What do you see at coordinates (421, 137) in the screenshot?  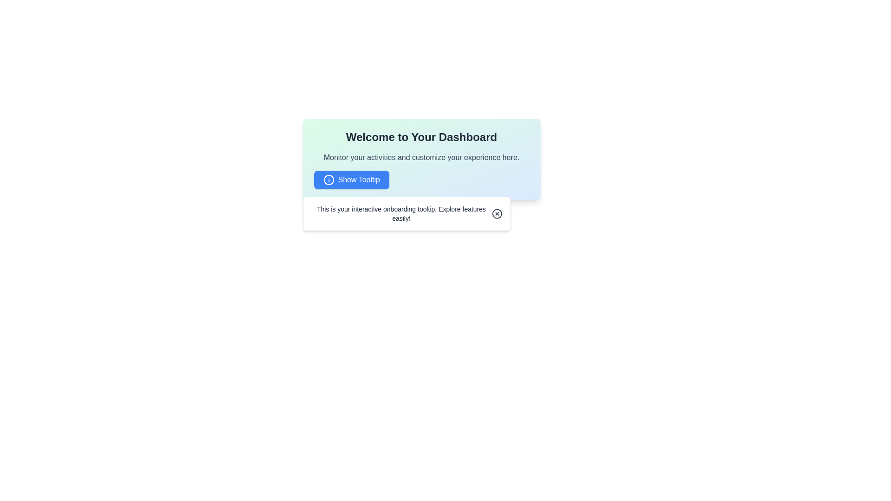 I see `the main heading text at the top of the card layout that introduces the dashboard` at bounding box center [421, 137].